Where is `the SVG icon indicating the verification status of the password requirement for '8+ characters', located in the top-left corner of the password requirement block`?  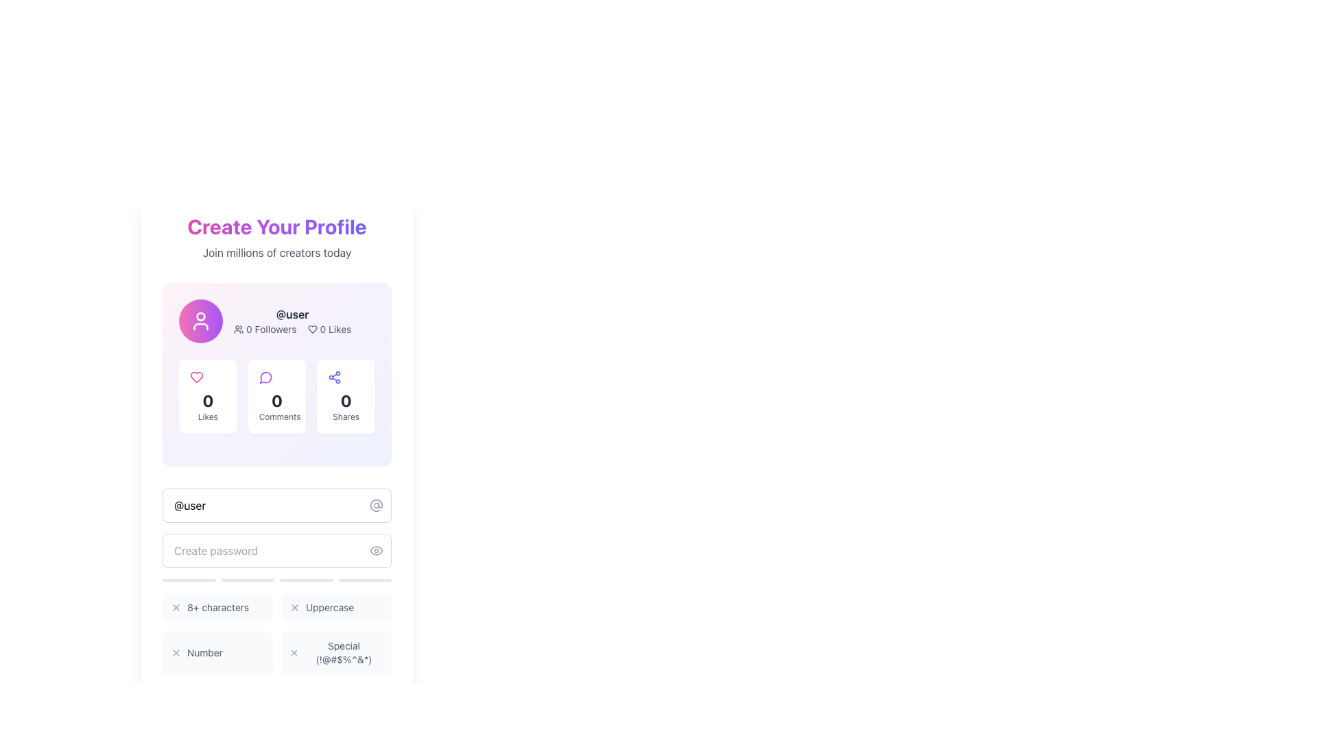 the SVG icon indicating the verification status of the password requirement for '8+ characters', located in the top-left corner of the password requirement block is located at coordinates (176, 607).